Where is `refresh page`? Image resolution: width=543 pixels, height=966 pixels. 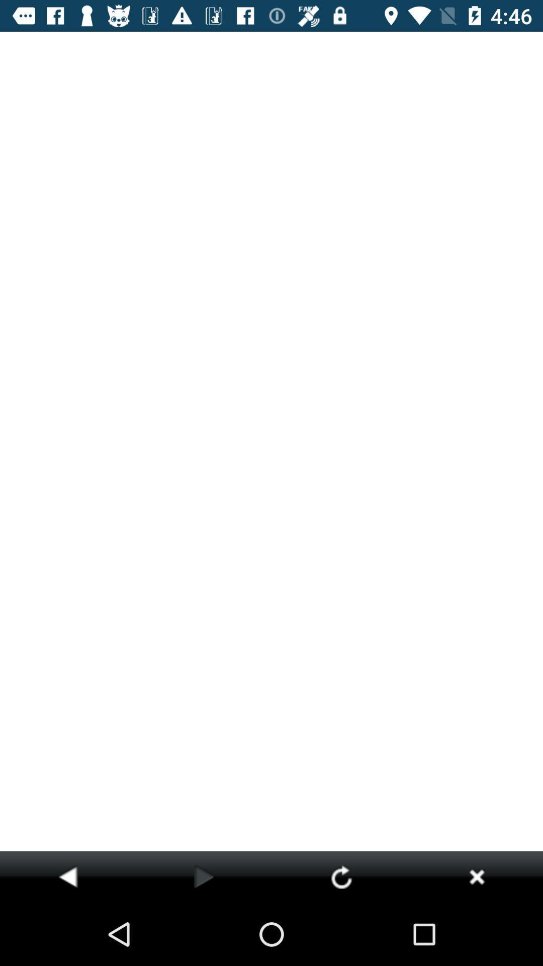
refresh page is located at coordinates (341, 876).